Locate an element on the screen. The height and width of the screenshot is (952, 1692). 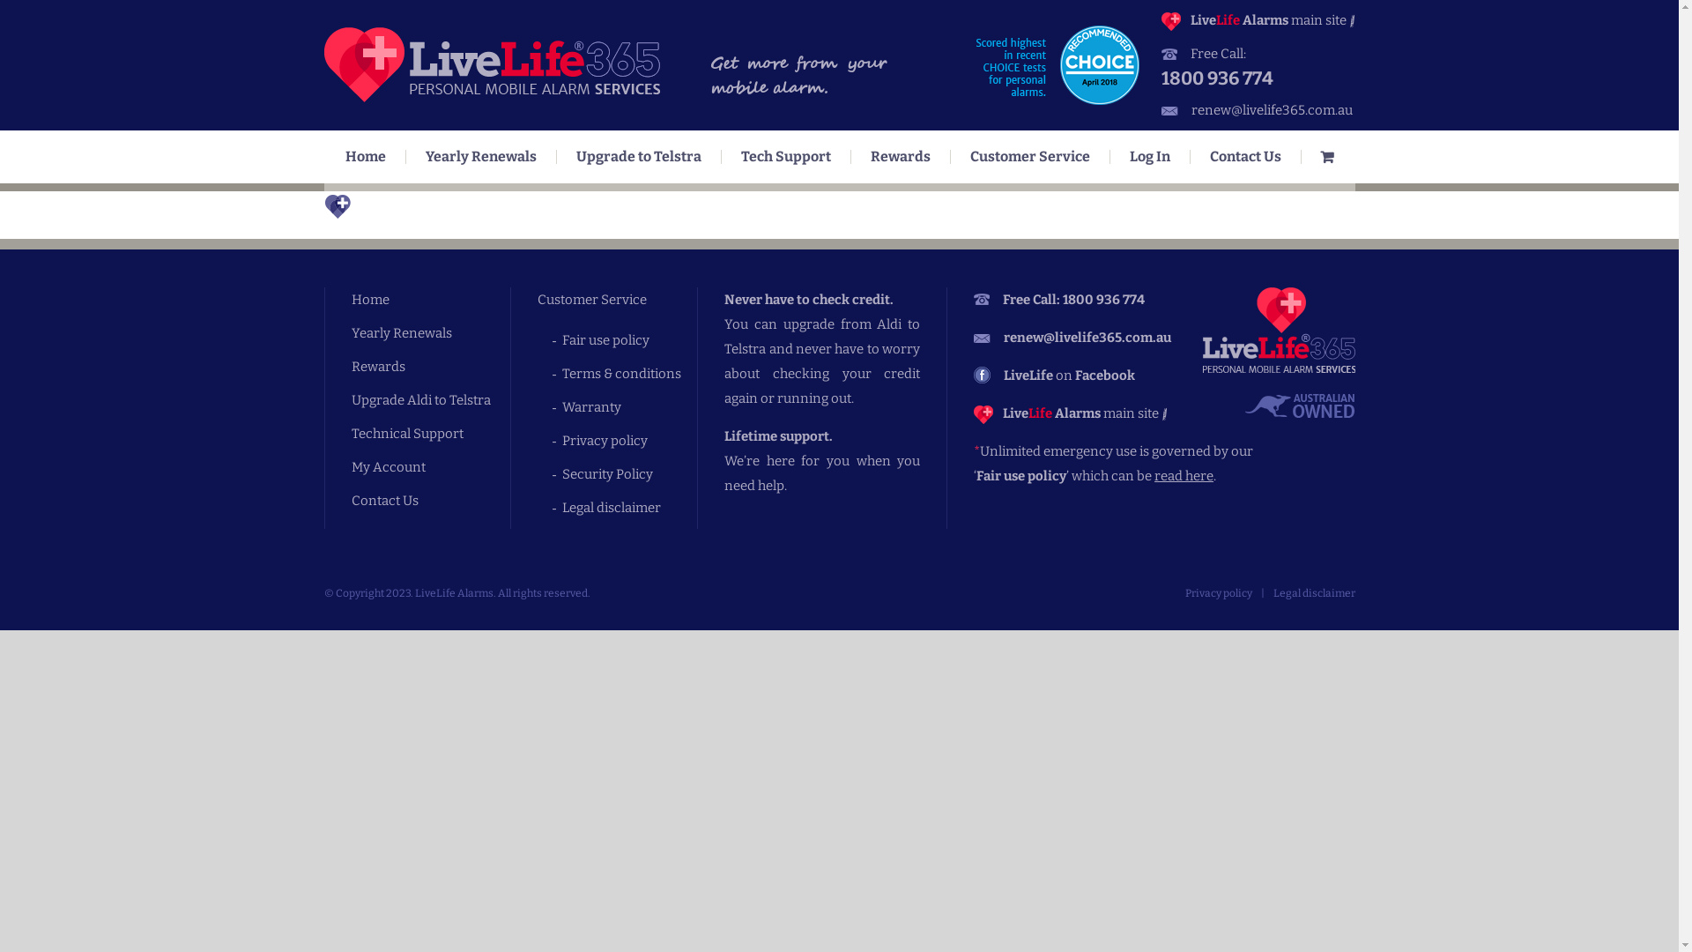
'Contact Us' is located at coordinates (1243, 155).